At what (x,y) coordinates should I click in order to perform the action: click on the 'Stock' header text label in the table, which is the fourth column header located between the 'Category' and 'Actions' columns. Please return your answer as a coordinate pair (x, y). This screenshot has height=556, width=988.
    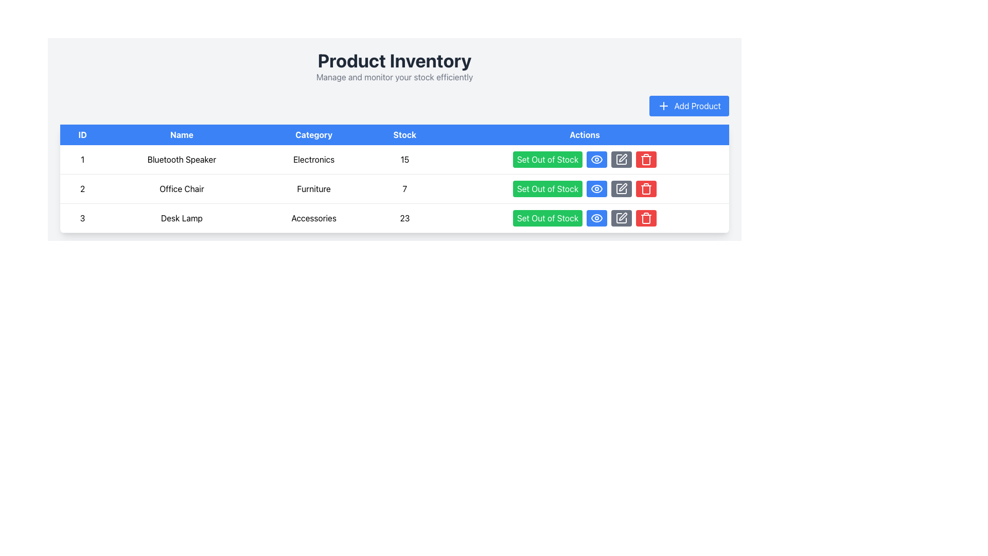
    Looking at the image, I should click on (404, 134).